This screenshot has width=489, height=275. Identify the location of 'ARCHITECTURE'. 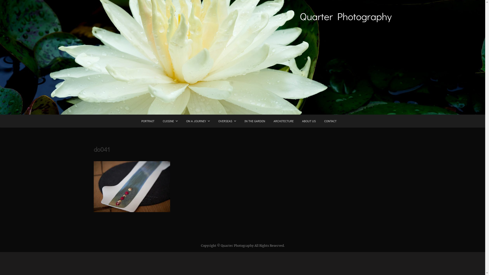
(283, 121).